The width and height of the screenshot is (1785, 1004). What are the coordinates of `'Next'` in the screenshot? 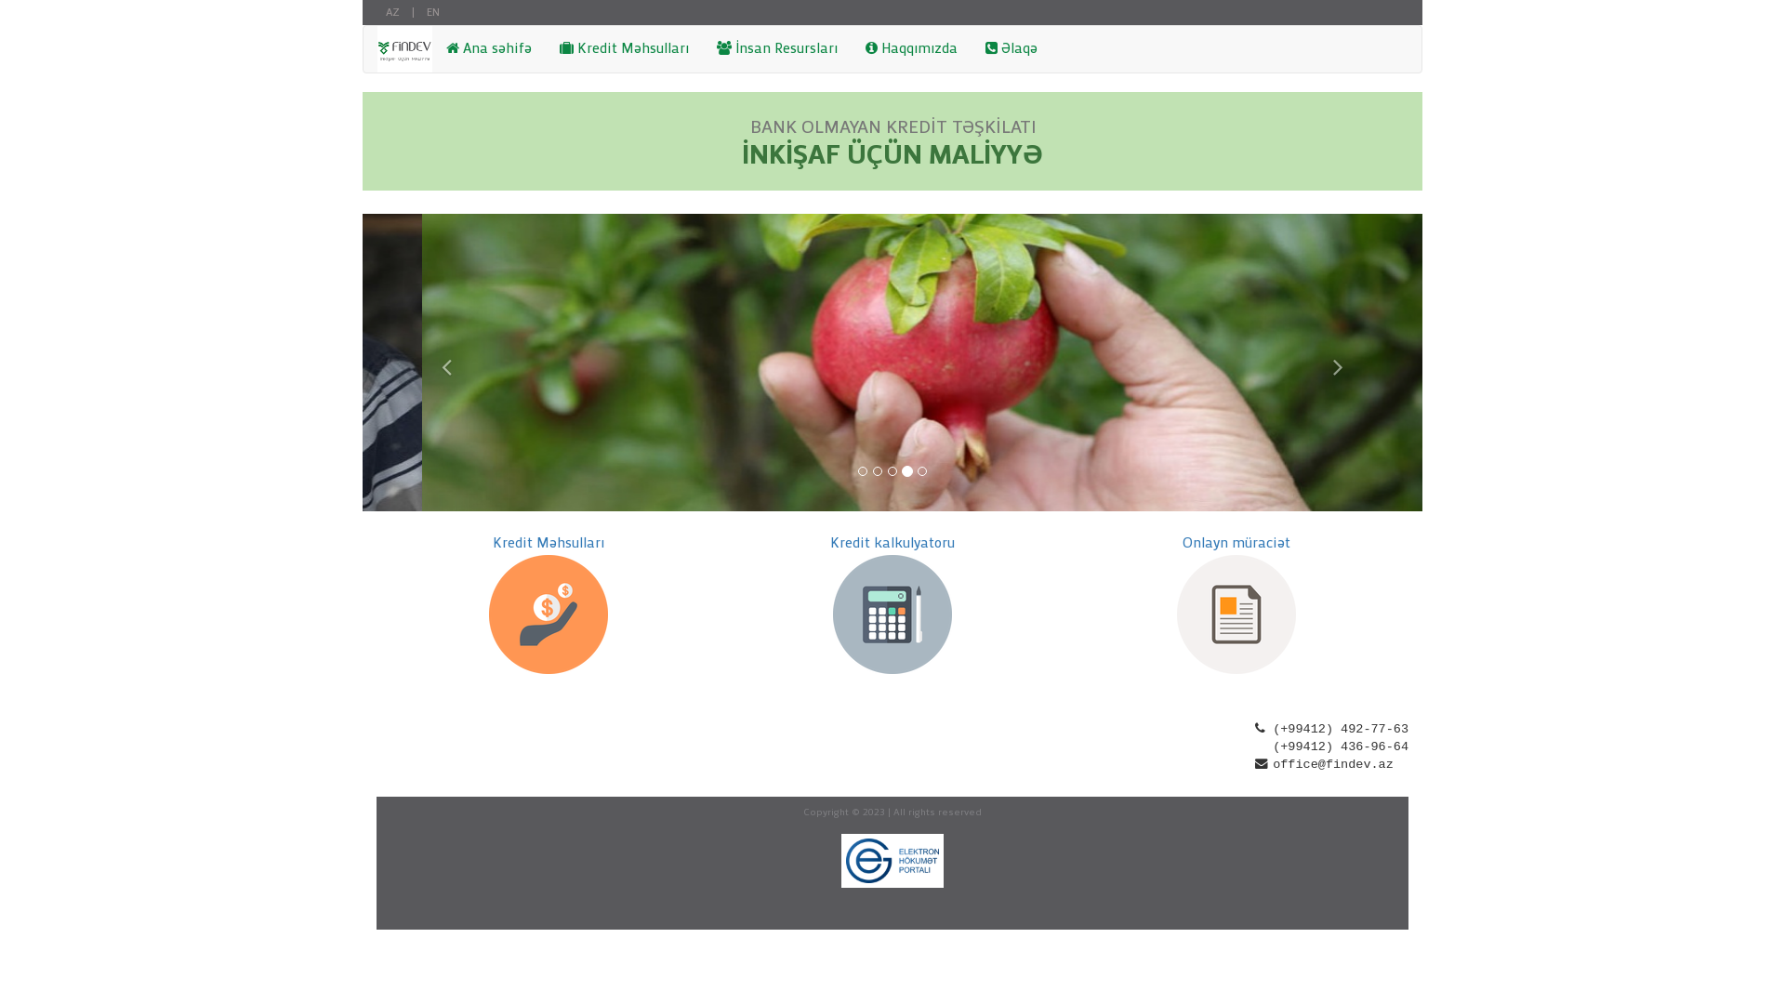 It's located at (1342, 362).